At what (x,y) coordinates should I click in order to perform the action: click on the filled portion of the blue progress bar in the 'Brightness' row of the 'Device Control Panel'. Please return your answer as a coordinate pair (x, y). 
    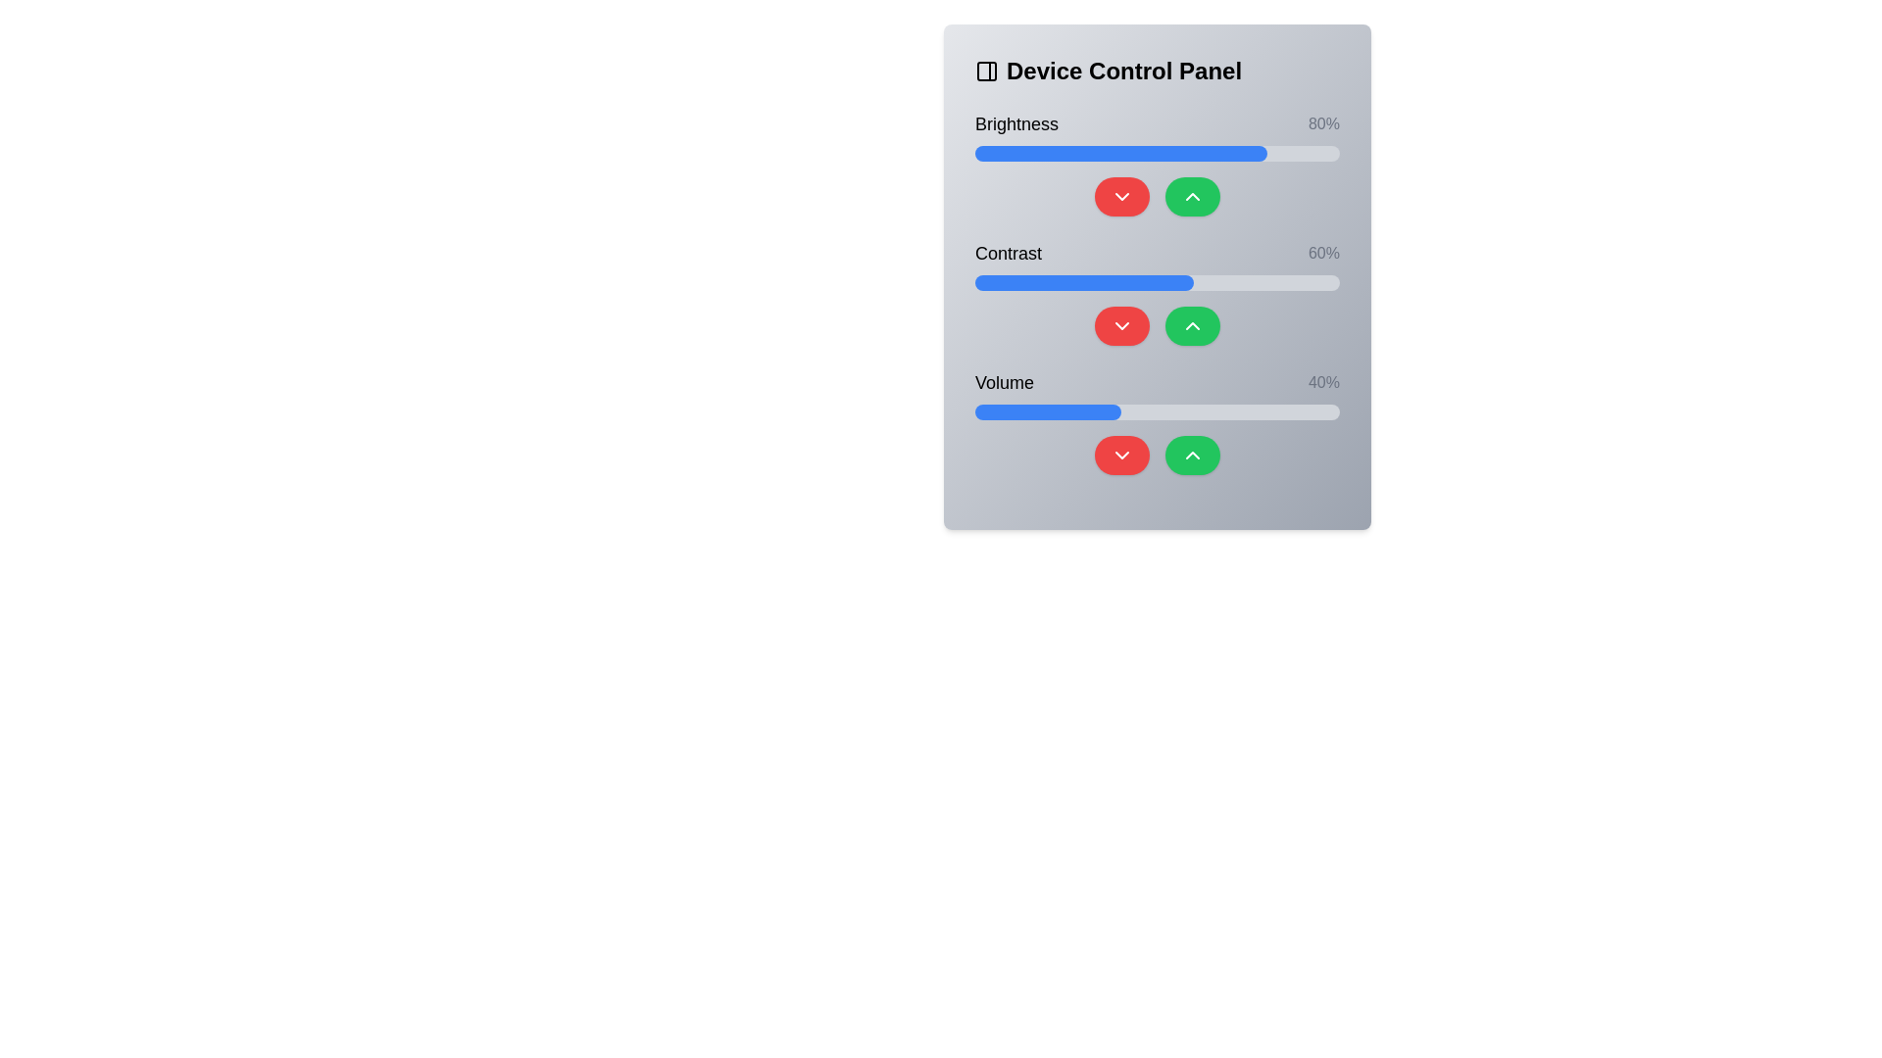
    Looking at the image, I should click on (1120, 153).